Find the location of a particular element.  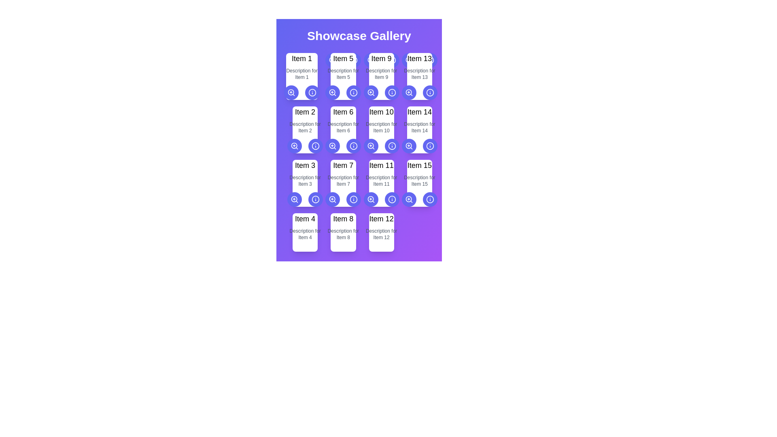

the decorative SVG circle element that indicates interaction status, located centrally within the 20x20 pixel graphic under 'Item 5' is located at coordinates (332, 59).